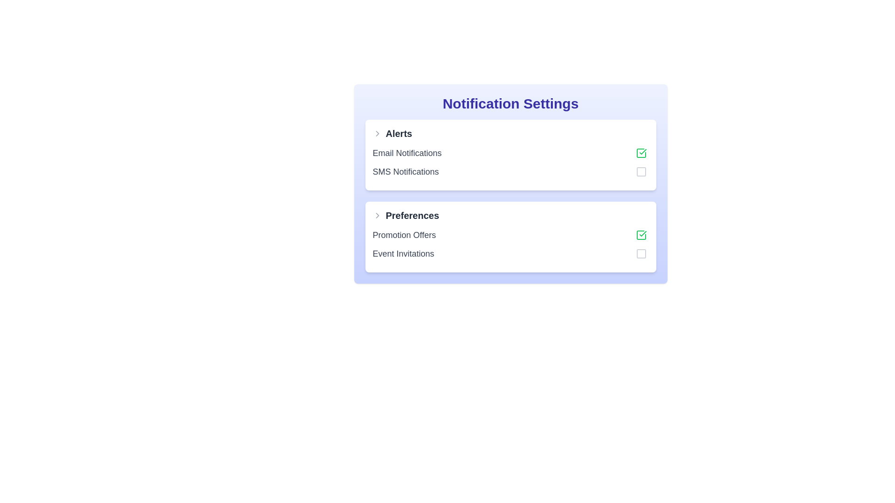  Describe the element at coordinates (407, 152) in the screenshot. I see `the text label displaying 'Email Notifications' in a large gray font, located in the 'Alerts' section of the 'Notification Settings' interface` at that location.